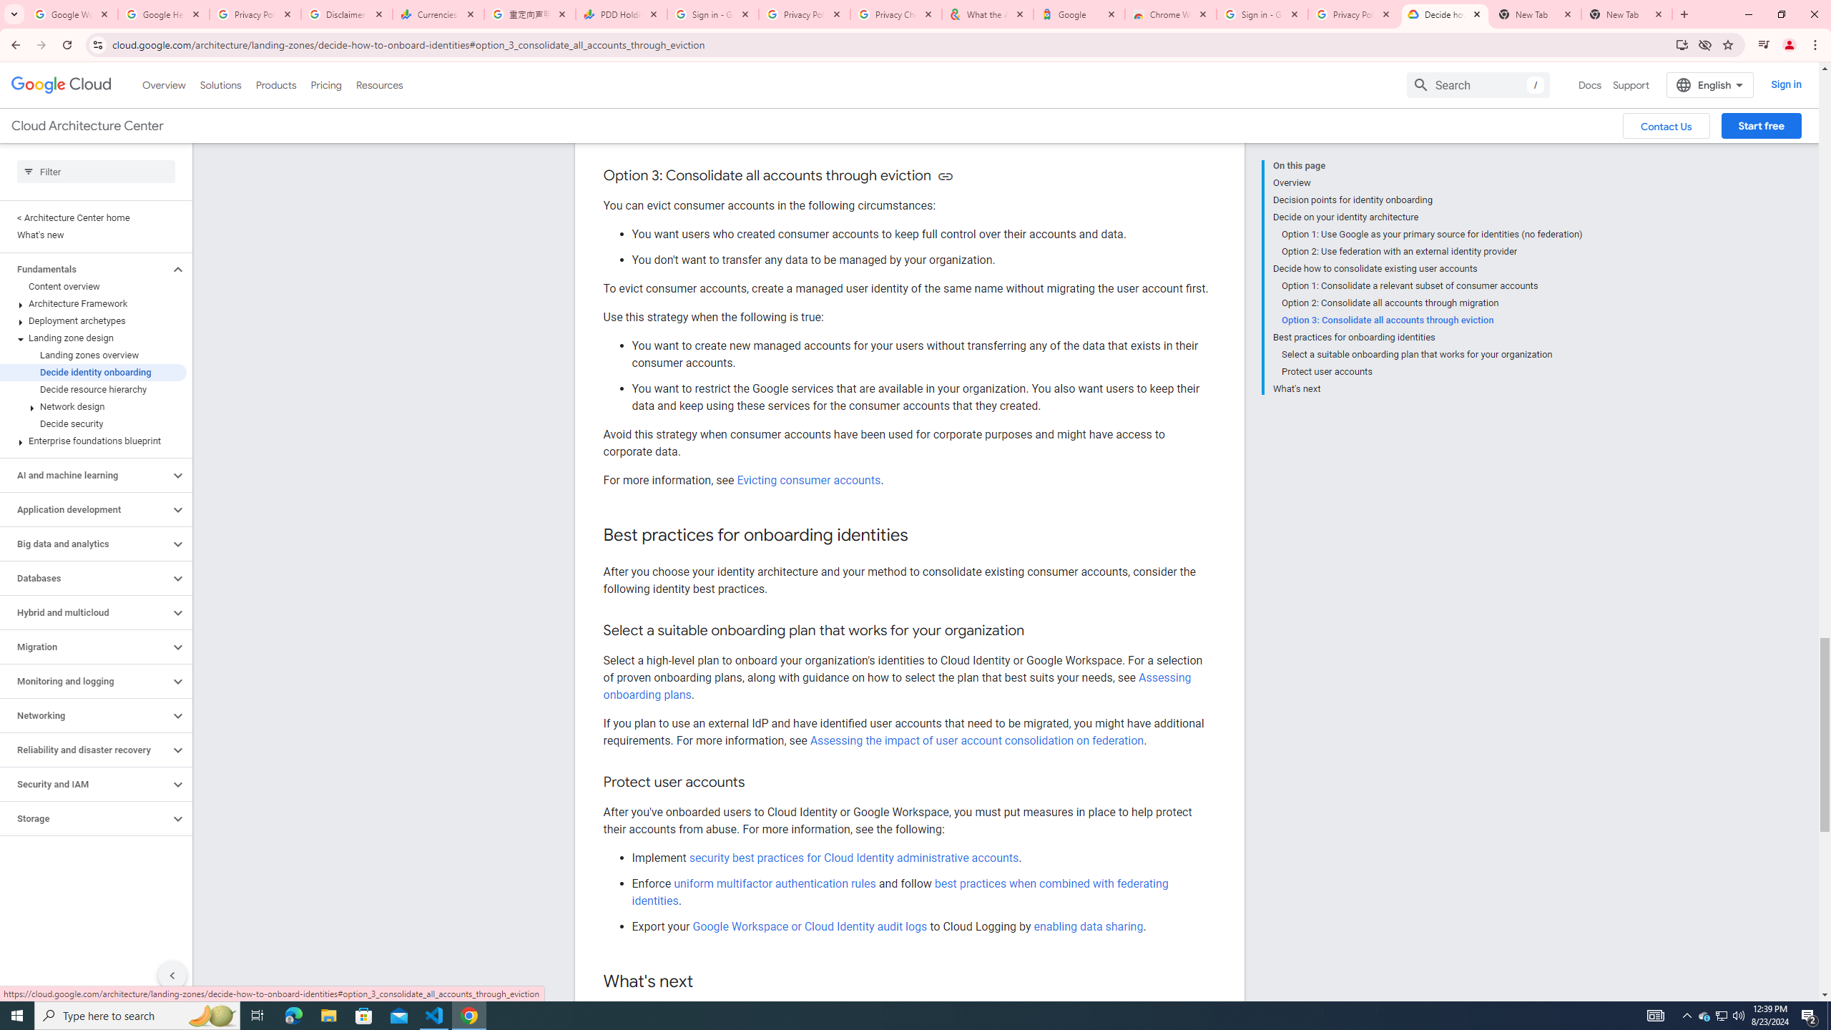 This screenshot has width=1831, height=1030. What do you see at coordinates (84, 268) in the screenshot?
I see `'Fundamentals'` at bounding box center [84, 268].